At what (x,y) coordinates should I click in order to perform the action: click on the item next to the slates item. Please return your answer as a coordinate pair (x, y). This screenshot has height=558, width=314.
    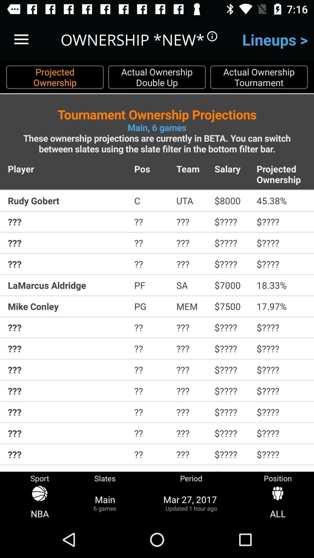
    Looking at the image, I should click on (191, 502).